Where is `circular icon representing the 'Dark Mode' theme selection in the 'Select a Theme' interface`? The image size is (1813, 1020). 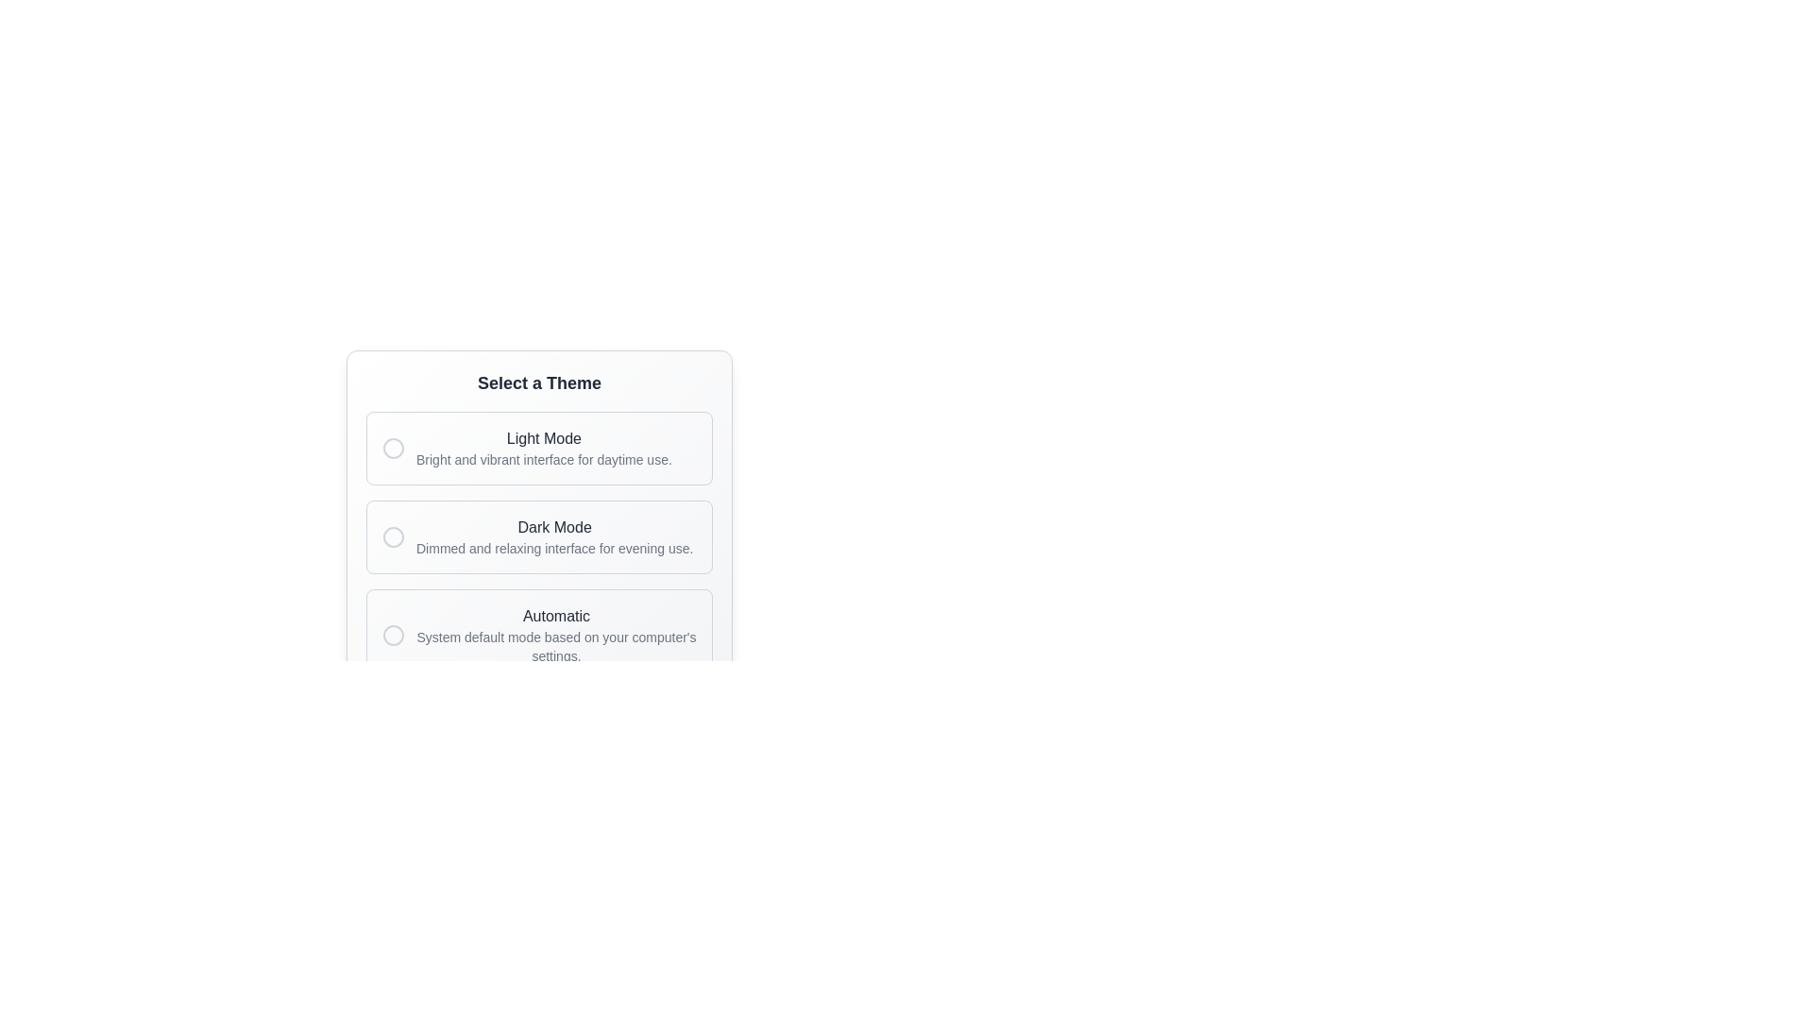
circular icon representing the 'Dark Mode' theme selection in the 'Select a Theme' interface is located at coordinates (393, 537).